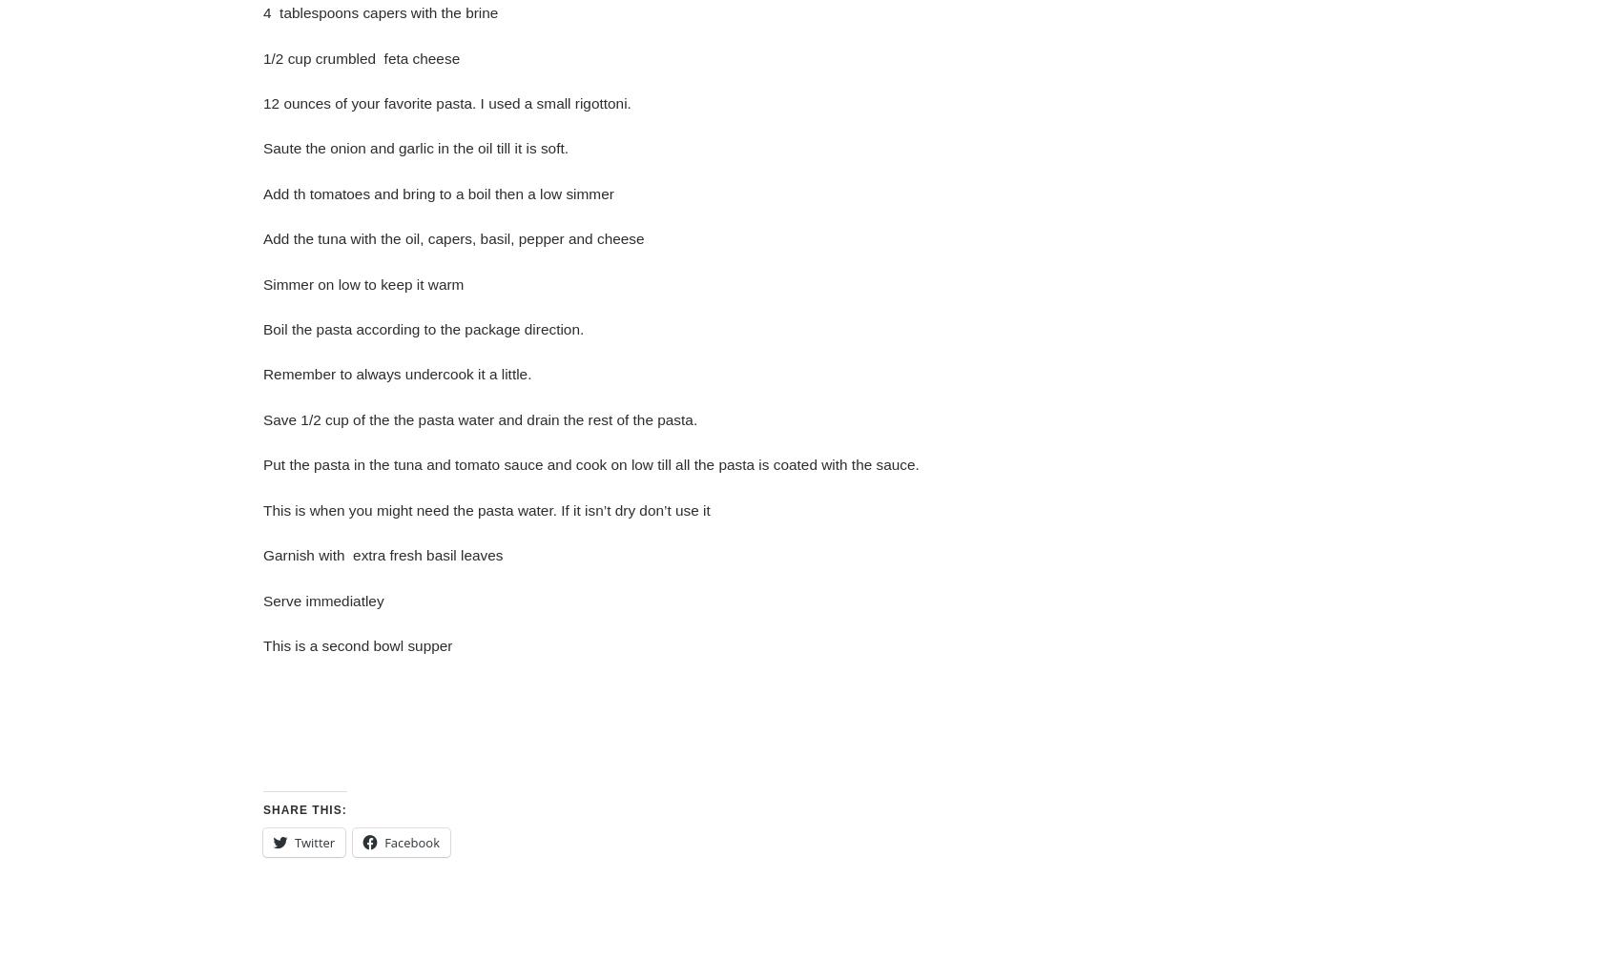 The image size is (1614, 958). Describe the element at coordinates (437, 192) in the screenshot. I see `'Add th tomatoes and bring to a boil then a low simmer'` at that location.